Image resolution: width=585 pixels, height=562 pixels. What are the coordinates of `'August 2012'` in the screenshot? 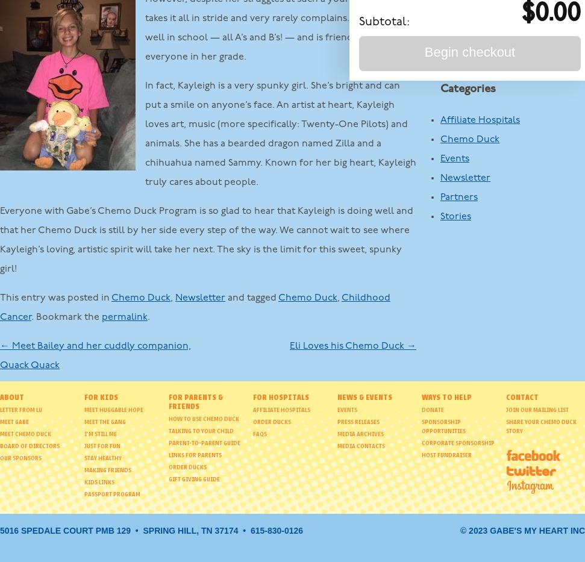 It's located at (466, 42).